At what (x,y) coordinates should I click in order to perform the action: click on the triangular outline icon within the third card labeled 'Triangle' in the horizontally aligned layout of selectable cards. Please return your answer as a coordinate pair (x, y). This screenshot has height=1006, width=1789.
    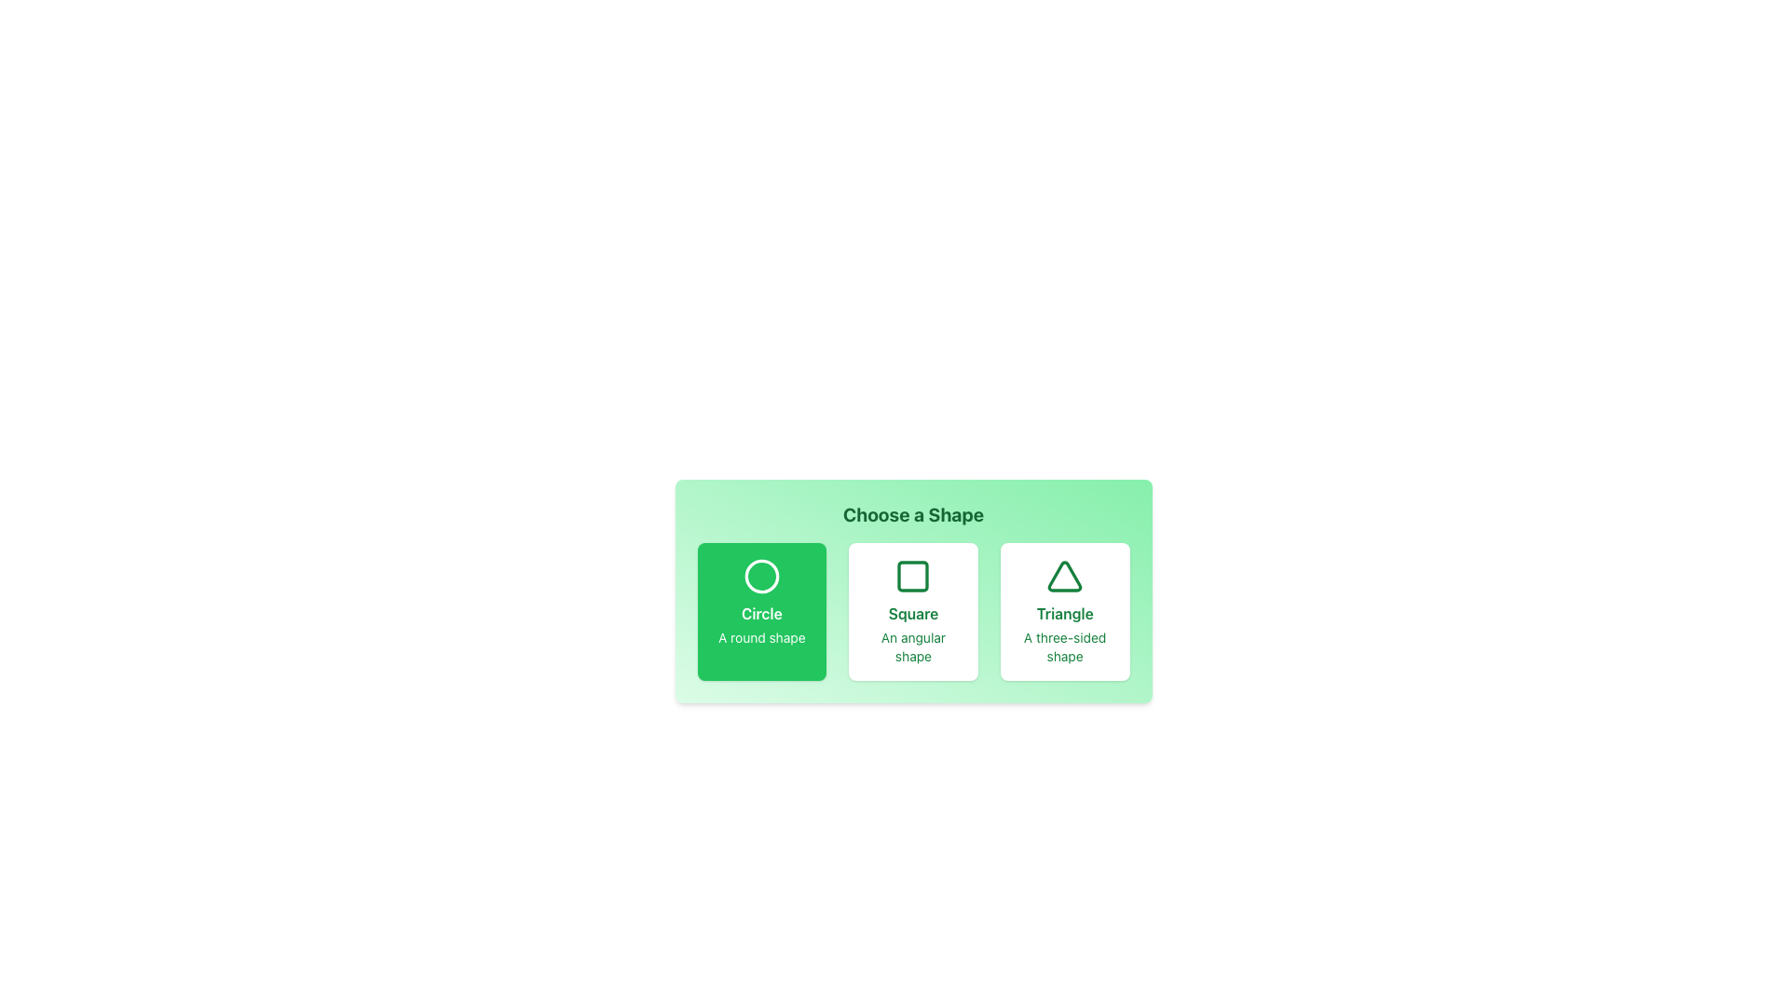
    Looking at the image, I should click on (1065, 575).